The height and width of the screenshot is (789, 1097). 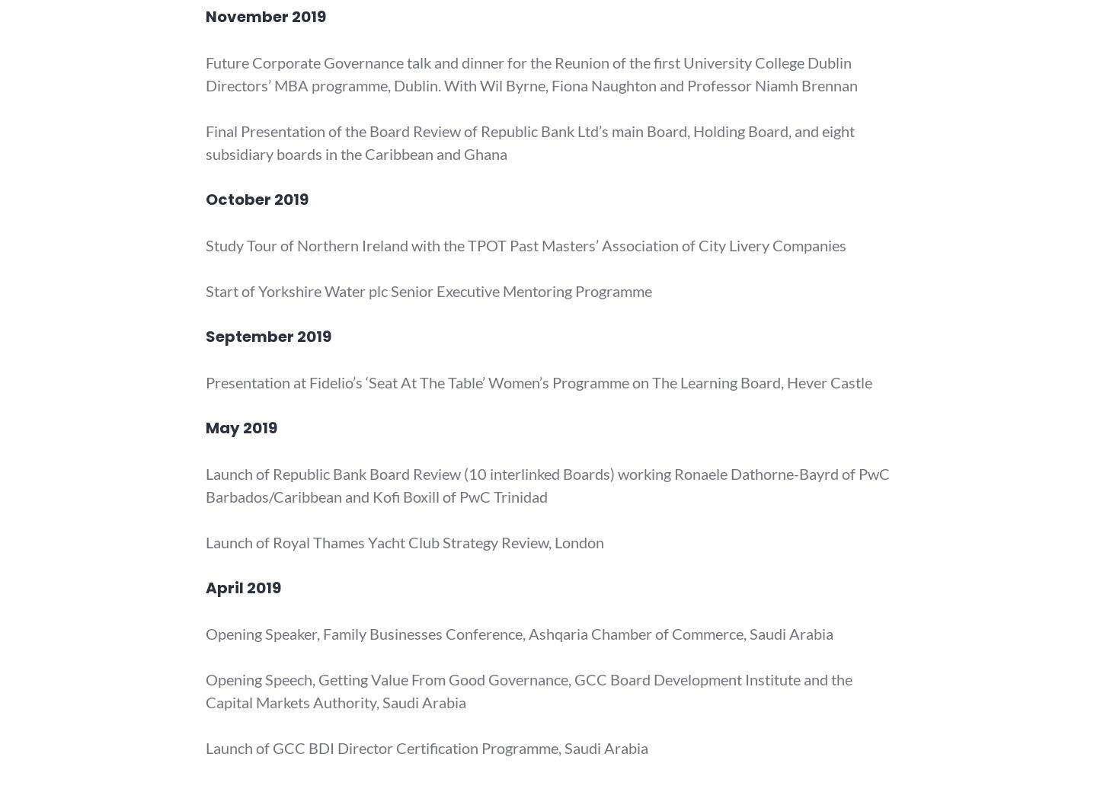 I want to click on 'Study Tour of Northern Ireland with the TPOT Past Masters’ Association of City Livery Companies', so click(x=526, y=244).